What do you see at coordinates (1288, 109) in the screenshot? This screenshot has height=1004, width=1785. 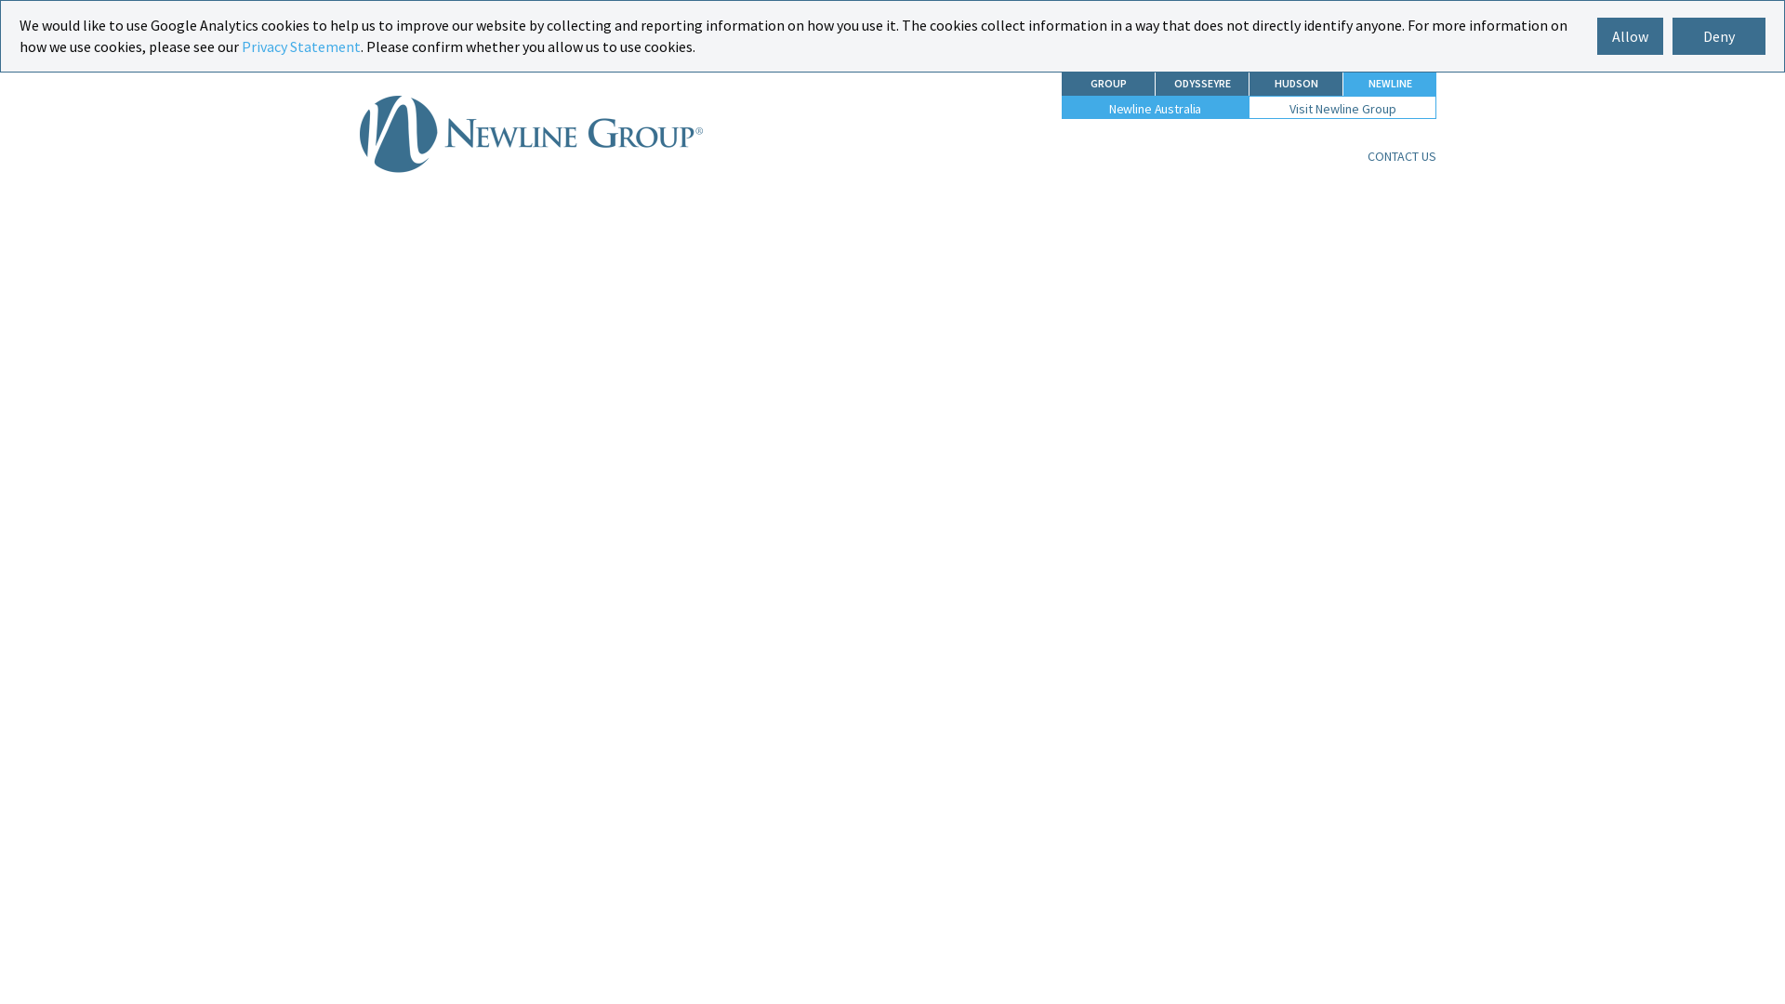 I see `'Visit Newline Group'` at bounding box center [1288, 109].